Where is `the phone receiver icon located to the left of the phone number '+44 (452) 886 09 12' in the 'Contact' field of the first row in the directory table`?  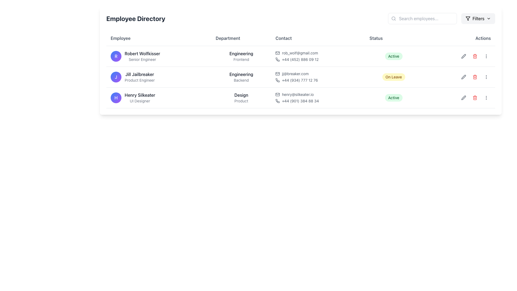 the phone receiver icon located to the left of the phone number '+44 (452) 886 09 12' in the 'Contact' field of the first row in the directory table is located at coordinates (278, 59).